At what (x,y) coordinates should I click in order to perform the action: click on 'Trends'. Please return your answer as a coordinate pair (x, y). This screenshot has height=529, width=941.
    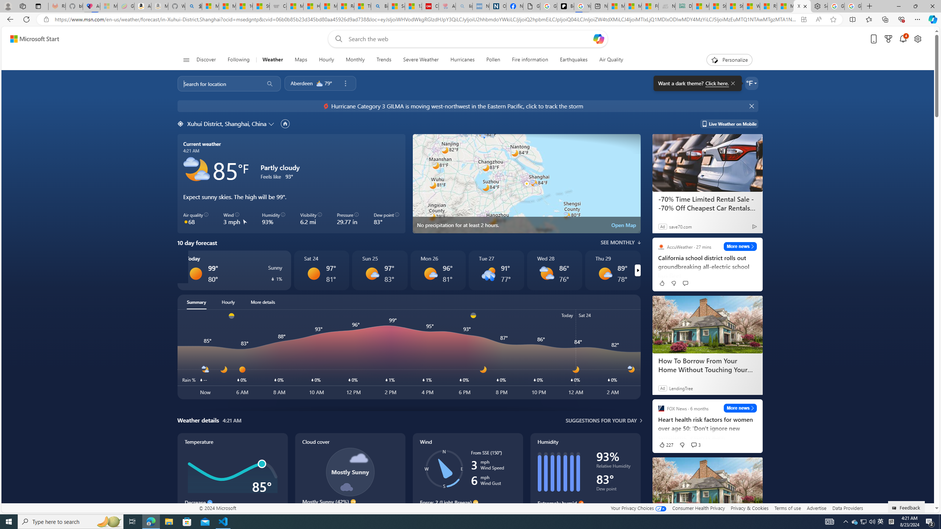
    Looking at the image, I should click on (383, 60).